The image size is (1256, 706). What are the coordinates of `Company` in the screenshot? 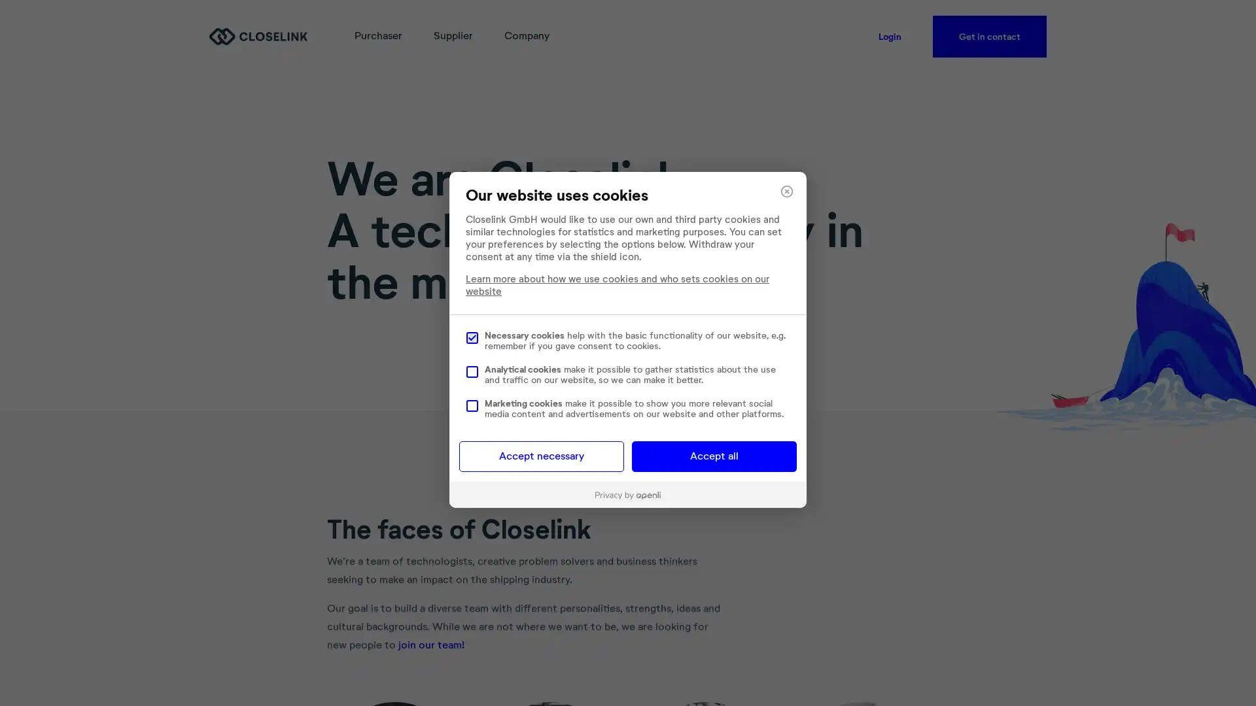 It's located at (527, 36).